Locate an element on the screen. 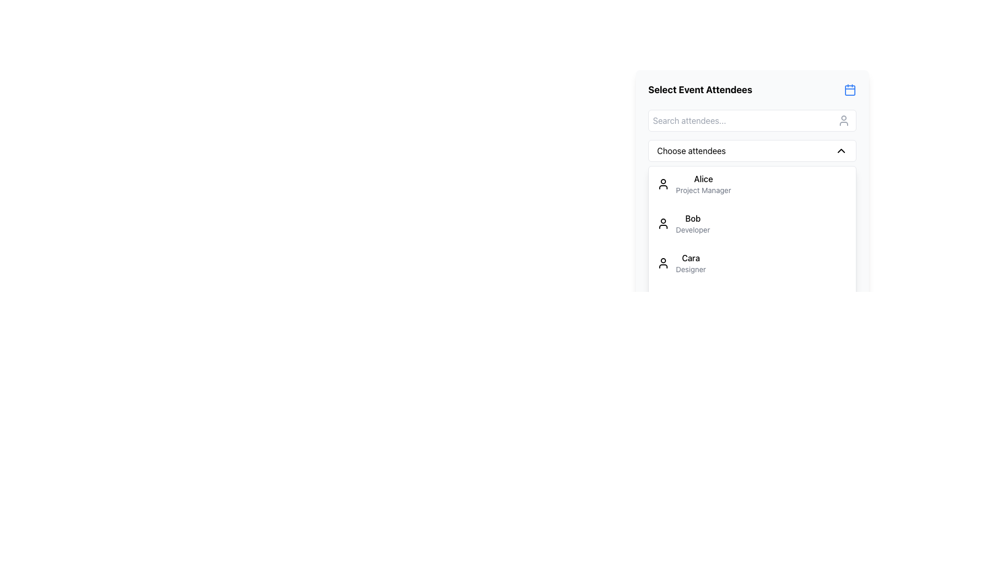 The width and height of the screenshot is (999, 562). the text label displaying 'Project Manager' below 'Alice', which indicates the individual's role in the attendee list is located at coordinates (703, 190).